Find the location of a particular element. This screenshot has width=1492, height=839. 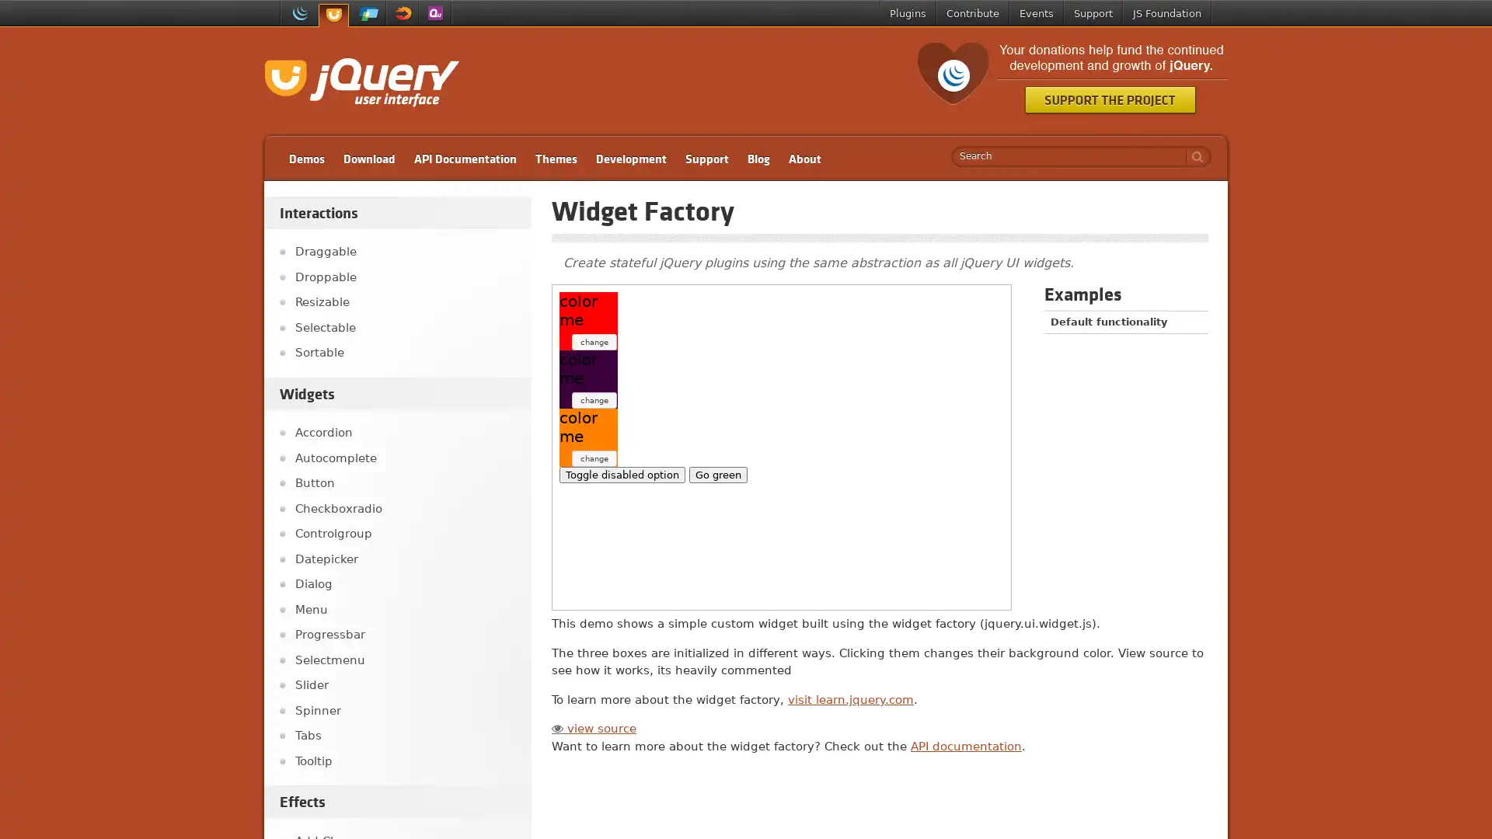

search is located at coordinates (1193, 156).